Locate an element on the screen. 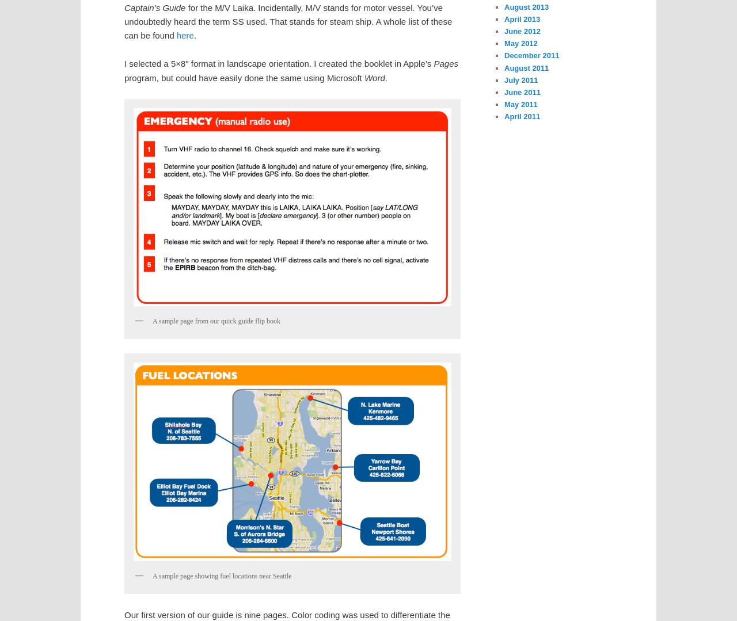 Image resolution: width=737 pixels, height=621 pixels. 'program, but could have easily done the same using Microsoft' is located at coordinates (244, 77).